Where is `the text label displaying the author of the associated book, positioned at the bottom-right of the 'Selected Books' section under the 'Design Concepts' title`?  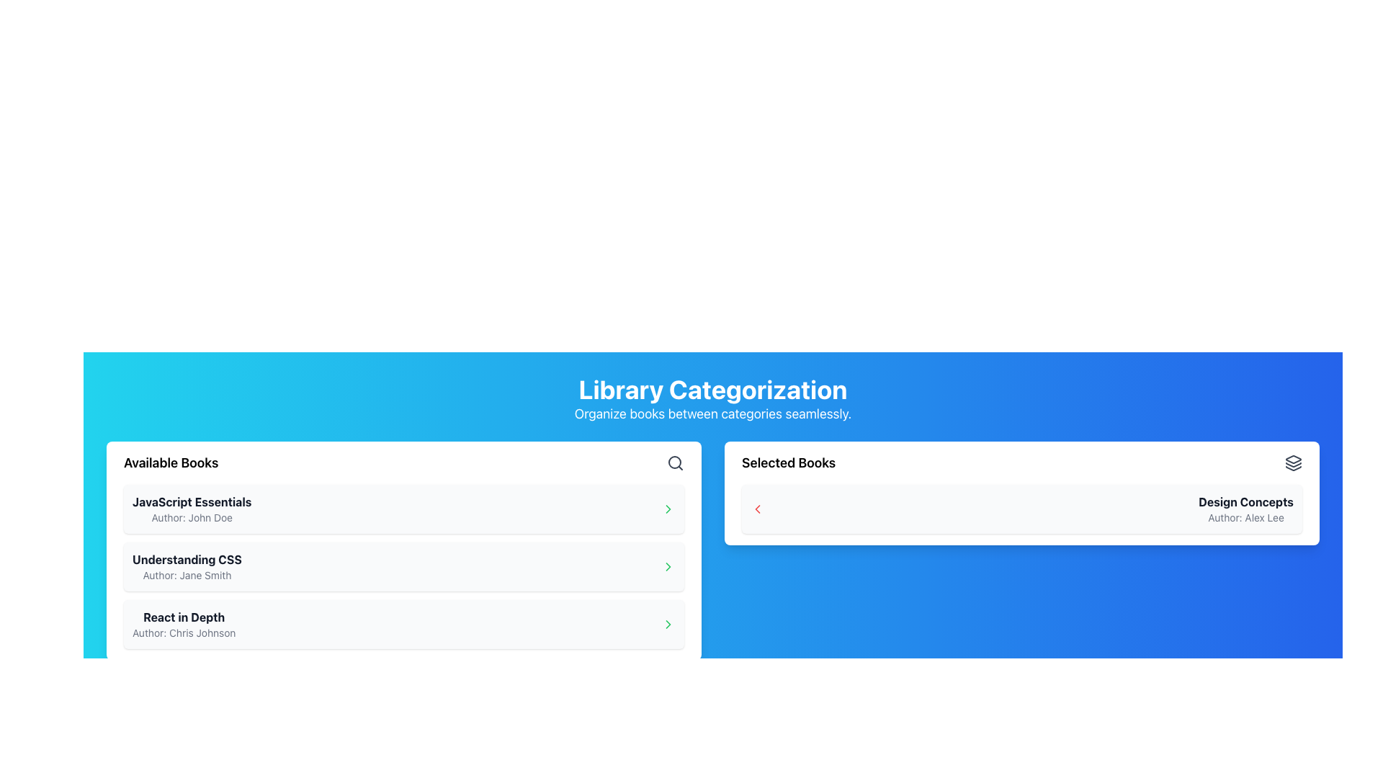
the text label displaying the author of the associated book, positioned at the bottom-right of the 'Selected Books' section under the 'Design Concepts' title is located at coordinates (1245, 517).